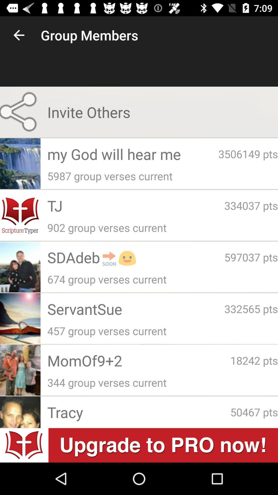 This screenshot has width=278, height=495. Describe the element at coordinates (135, 309) in the screenshot. I see `the icon below 674 group verses app` at that location.